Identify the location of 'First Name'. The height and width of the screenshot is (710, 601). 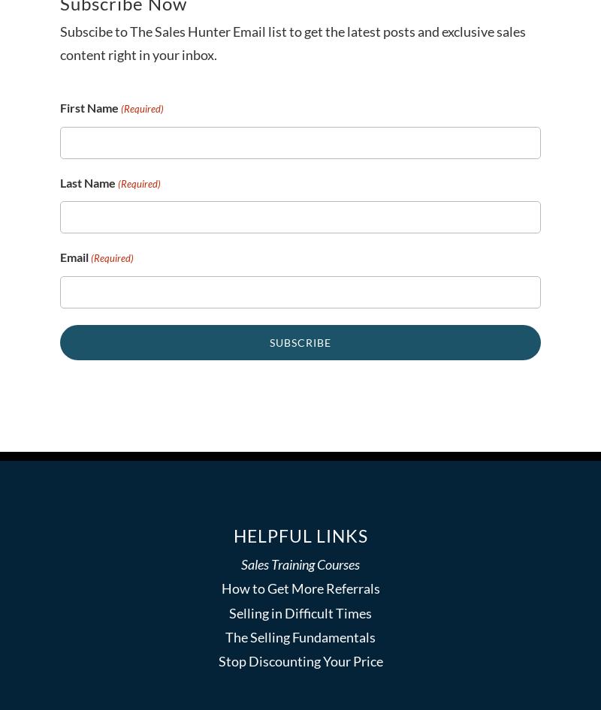
(88, 107).